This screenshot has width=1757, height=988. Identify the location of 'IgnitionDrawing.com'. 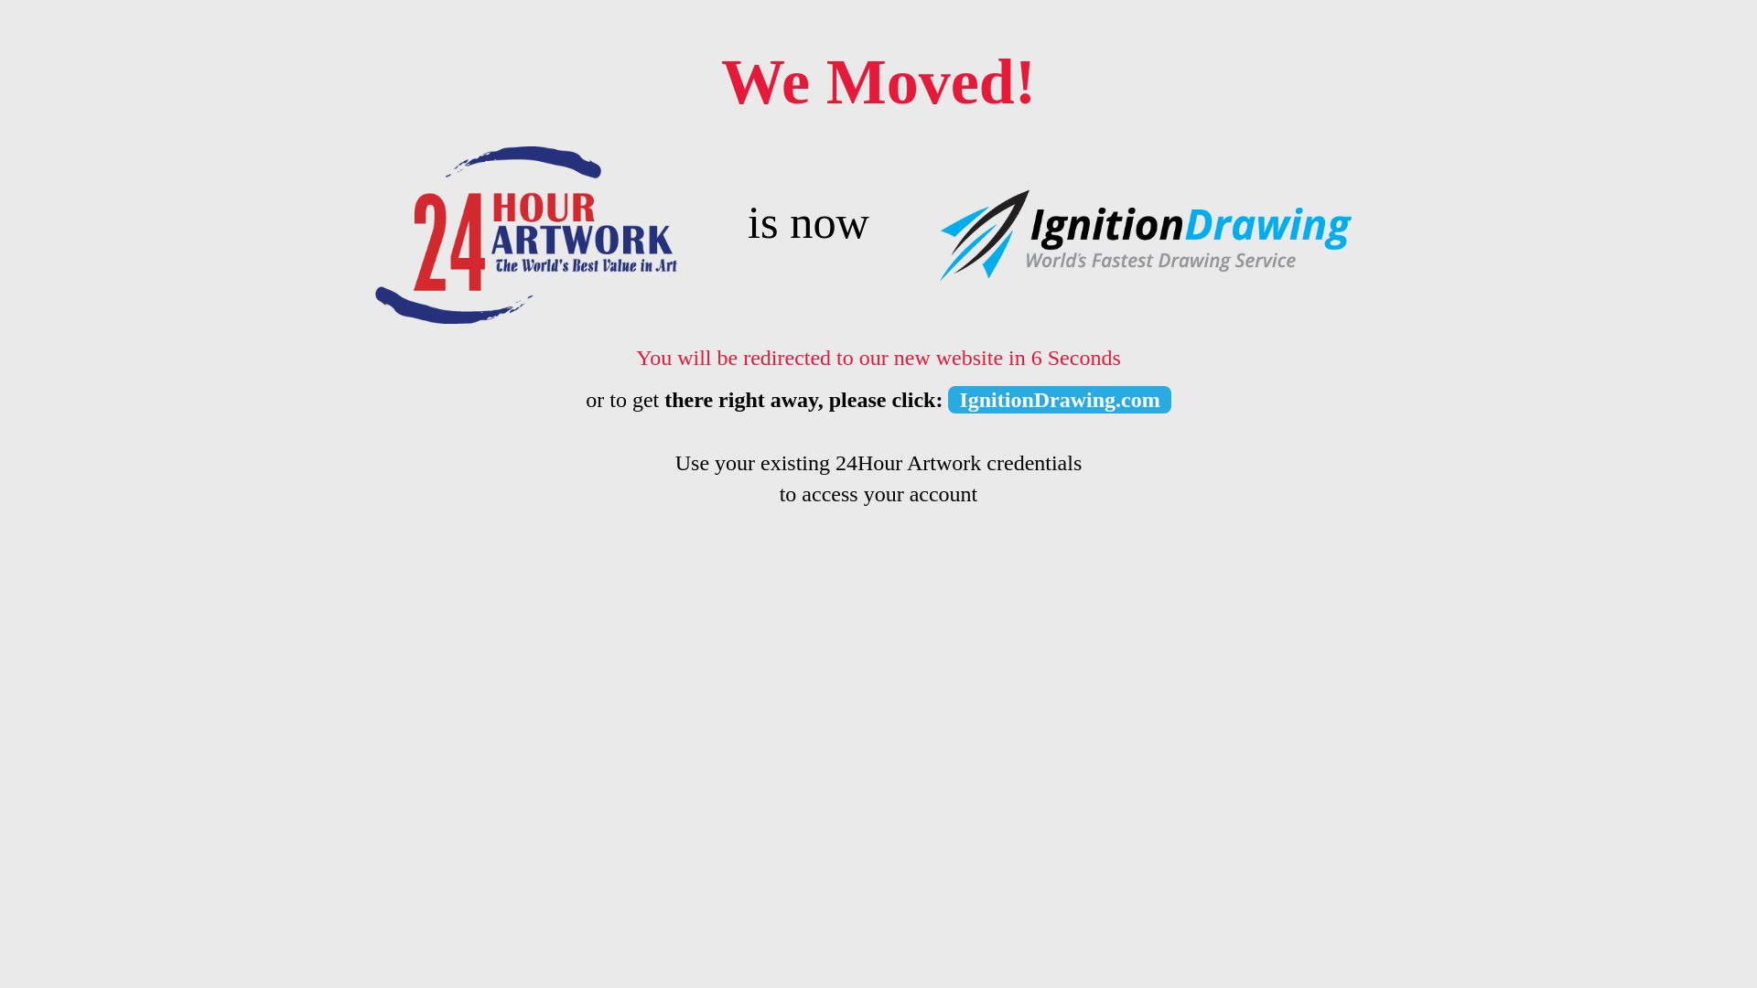
(1059, 398).